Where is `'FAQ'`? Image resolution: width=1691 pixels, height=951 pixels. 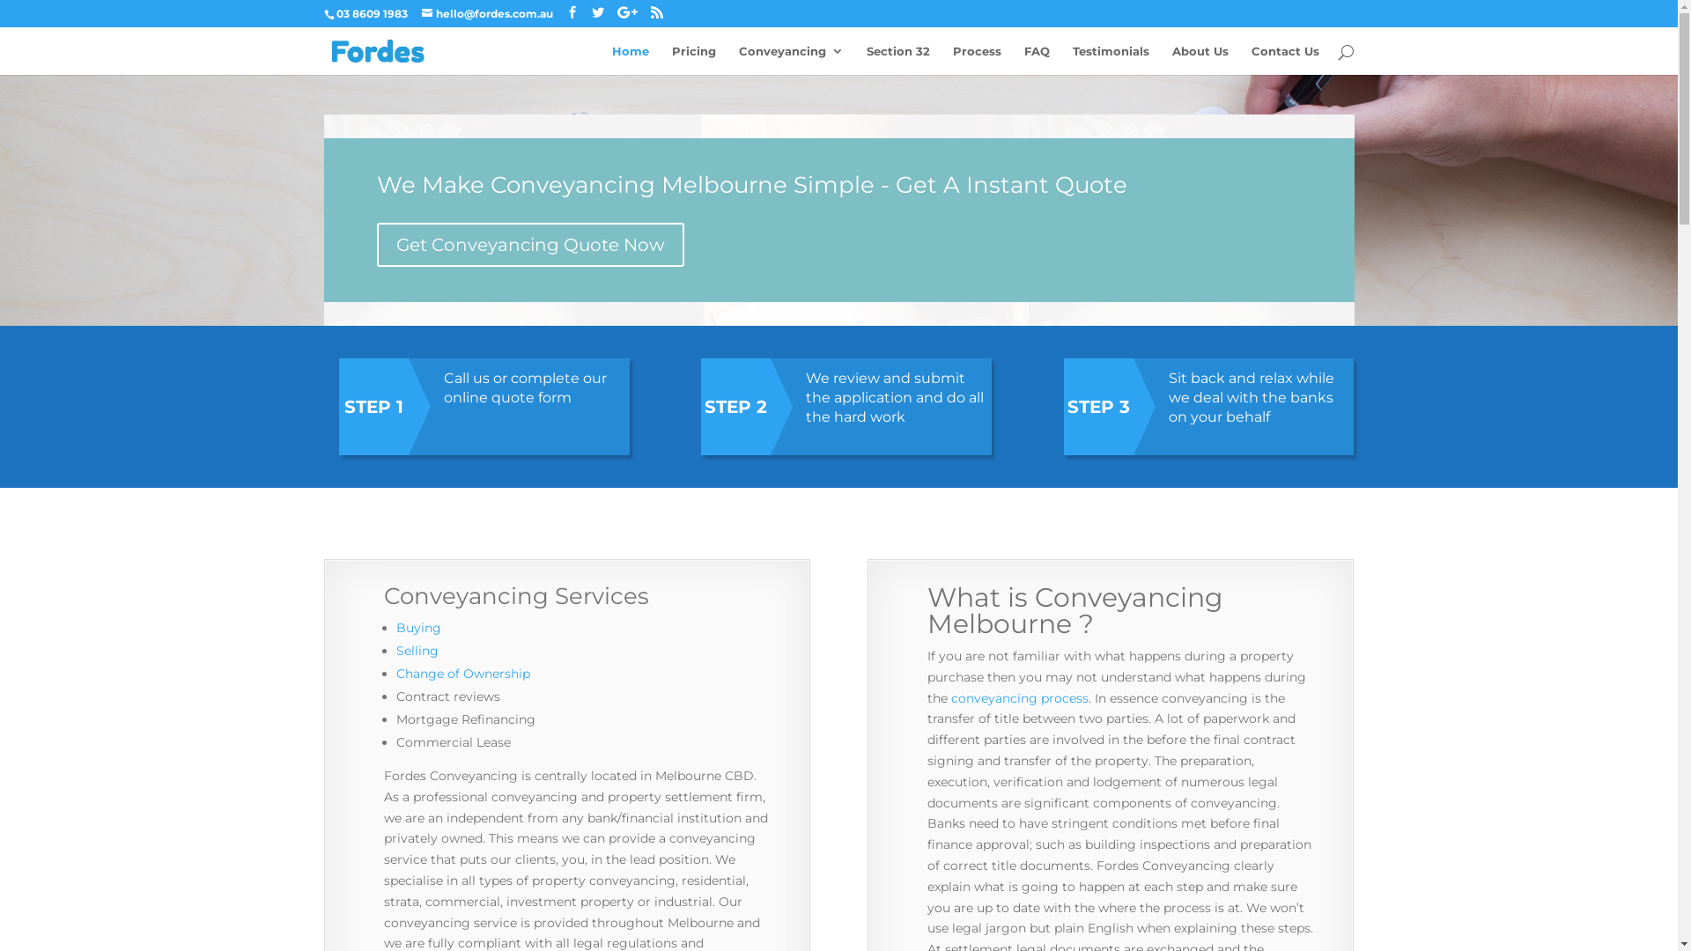 'FAQ' is located at coordinates (1036, 59).